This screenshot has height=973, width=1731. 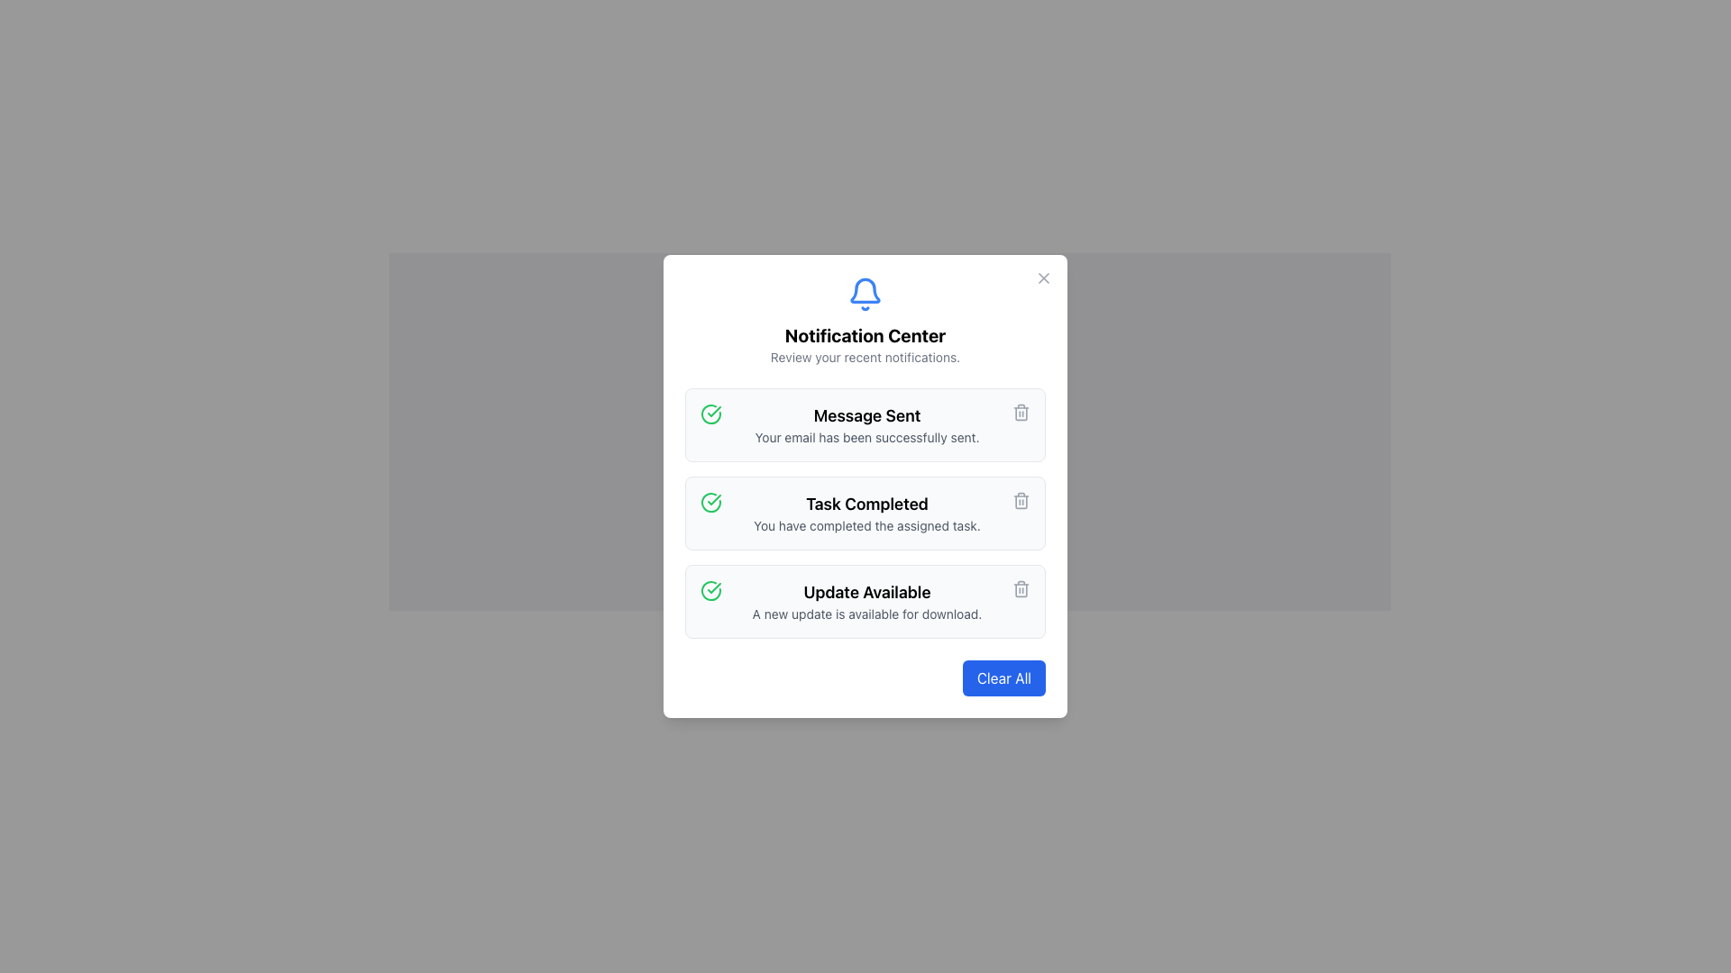 I want to click on the close graphical icon located at the top-right corner of the notification dialog box, so click(x=1043, y=277).